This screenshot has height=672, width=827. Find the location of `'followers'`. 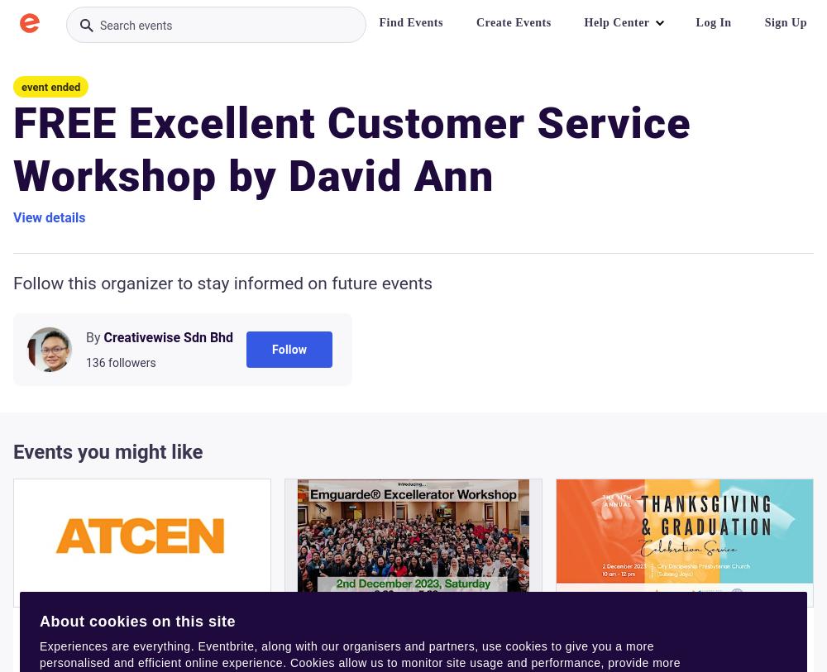

'followers' is located at coordinates (131, 363).